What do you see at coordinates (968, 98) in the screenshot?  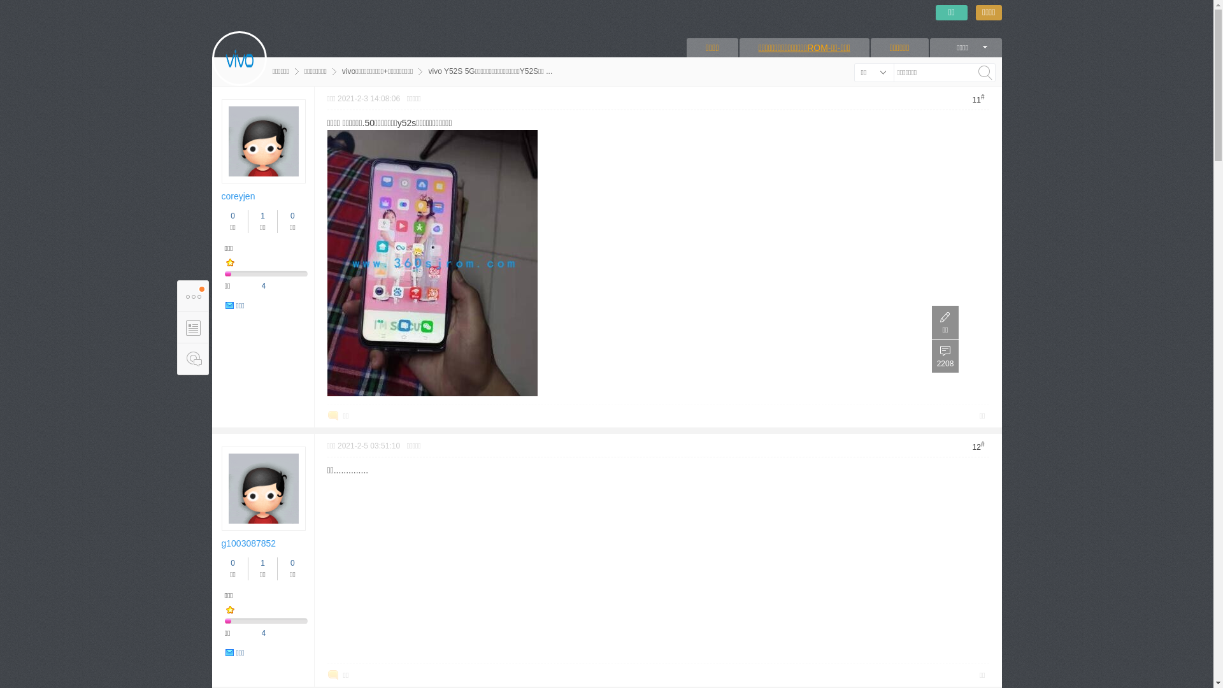 I see `'11#'` at bounding box center [968, 98].